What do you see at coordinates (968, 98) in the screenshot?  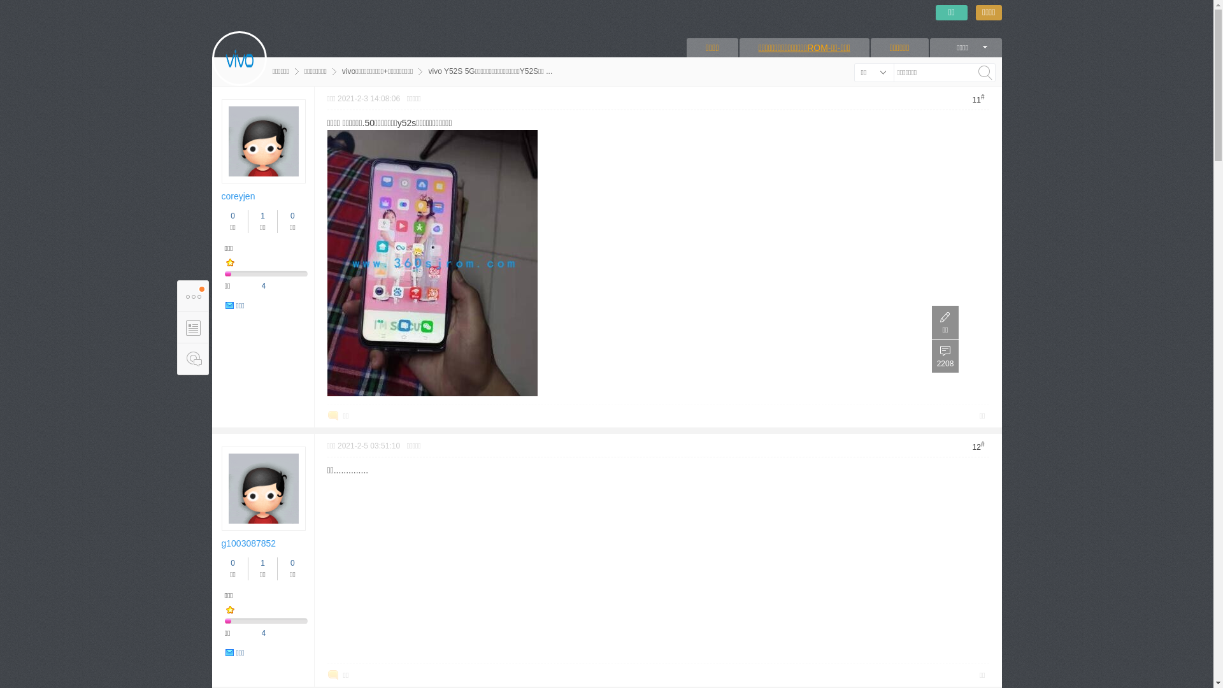 I see `'11#'` at bounding box center [968, 98].